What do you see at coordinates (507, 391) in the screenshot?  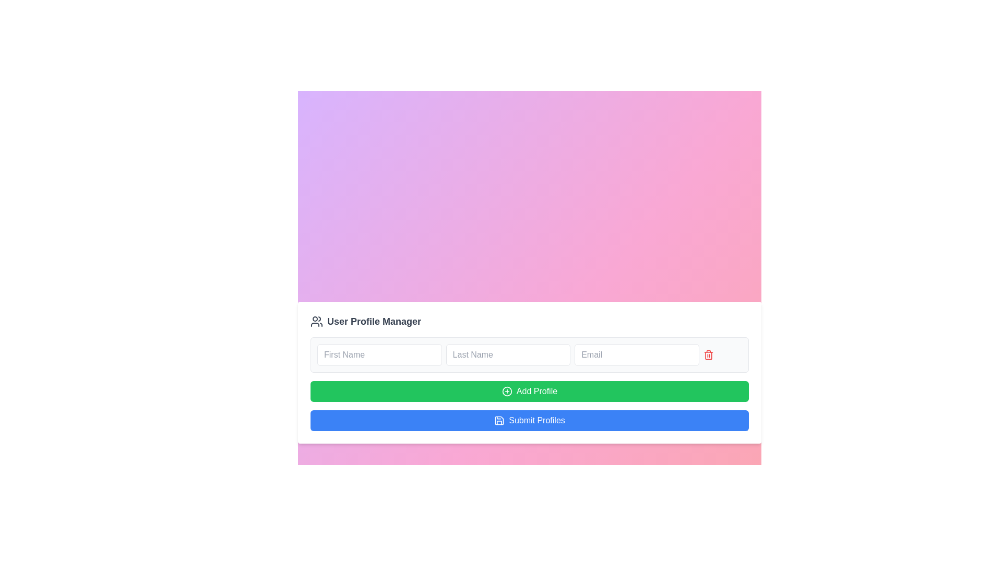 I see `the circular SVG shape within the 'Add Profile' button` at bounding box center [507, 391].